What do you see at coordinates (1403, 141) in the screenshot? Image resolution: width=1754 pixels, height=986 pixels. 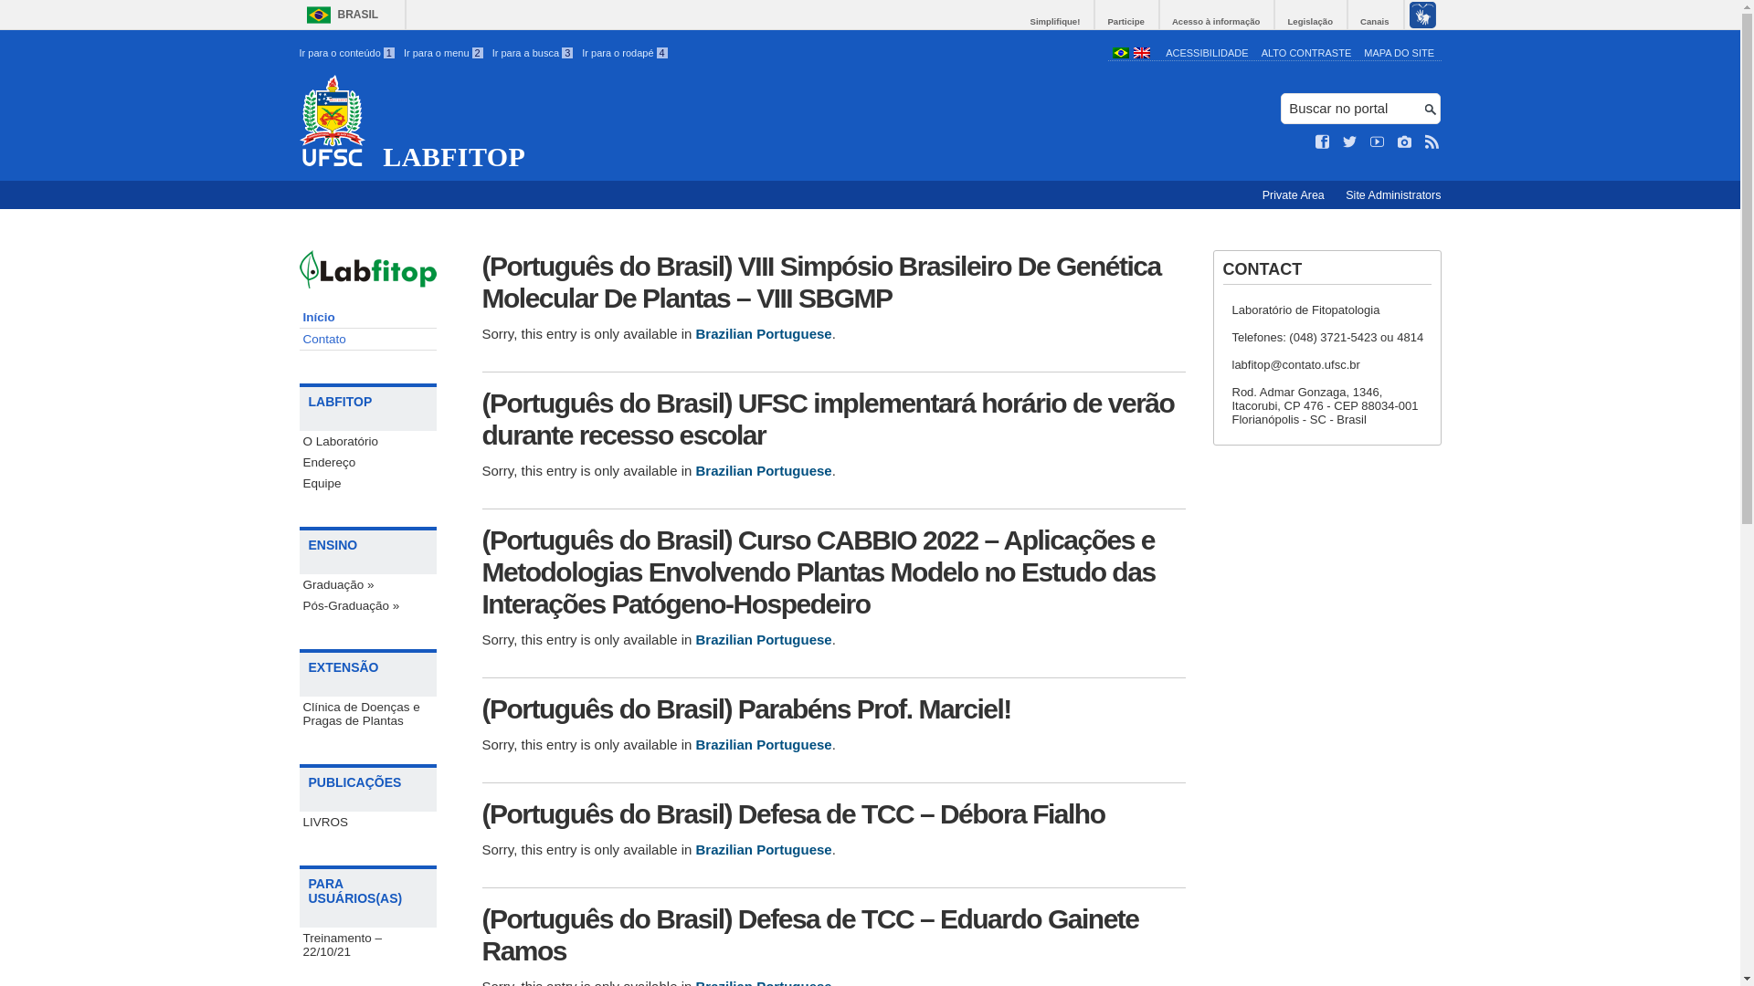 I see `'Veja no Instagram'` at bounding box center [1403, 141].